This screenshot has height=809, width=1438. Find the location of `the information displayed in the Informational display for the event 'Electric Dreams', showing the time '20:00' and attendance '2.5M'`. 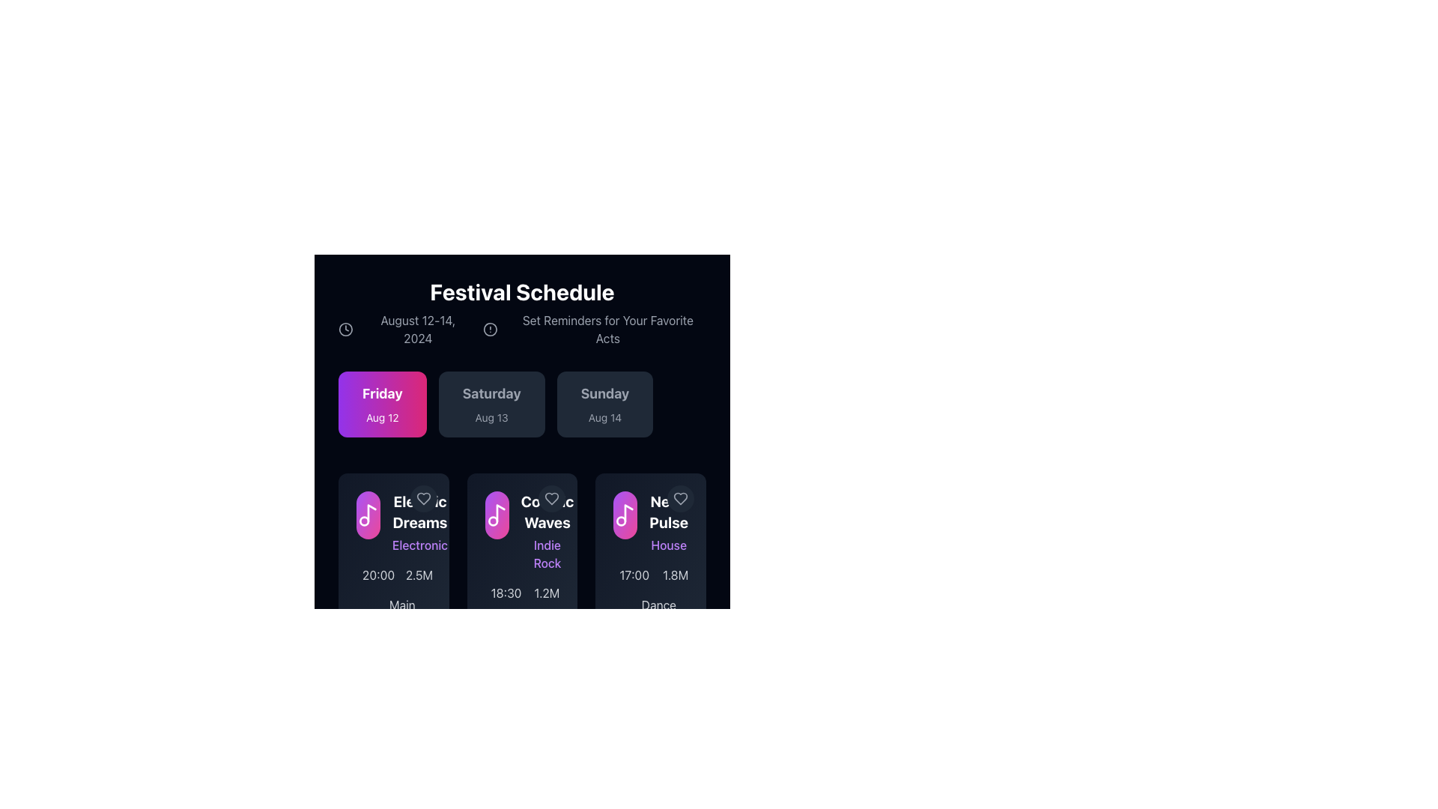

the information displayed in the Informational display for the event 'Electric Dreams', showing the time '20:00' and attendance '2.5M' is located at coordinates (393, 574).